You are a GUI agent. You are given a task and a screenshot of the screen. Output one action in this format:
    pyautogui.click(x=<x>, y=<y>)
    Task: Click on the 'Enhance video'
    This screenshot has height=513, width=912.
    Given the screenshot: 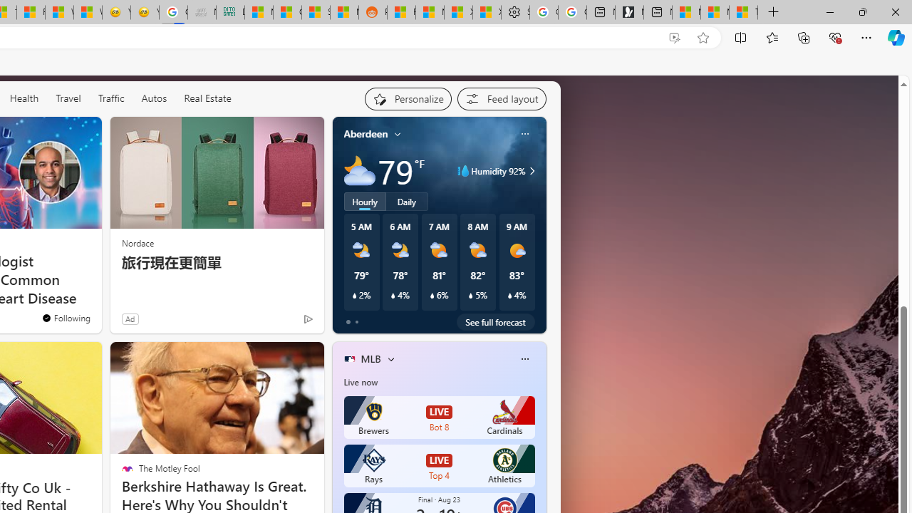 What is the action you would take?
    pyautogui.click(x=673, y=37)
    